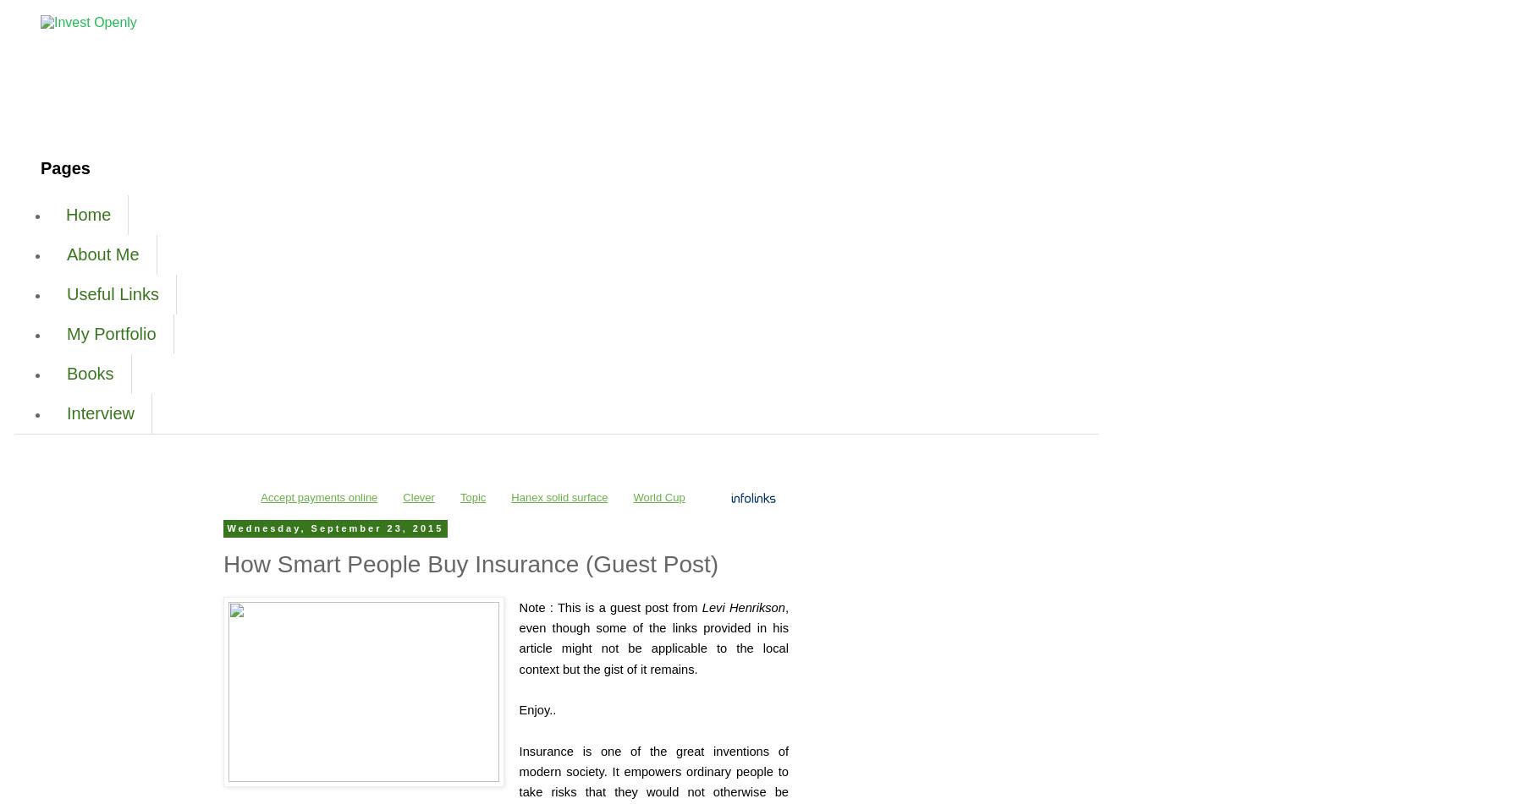  I want to click on 'Accept payments online', so click(318, 496).